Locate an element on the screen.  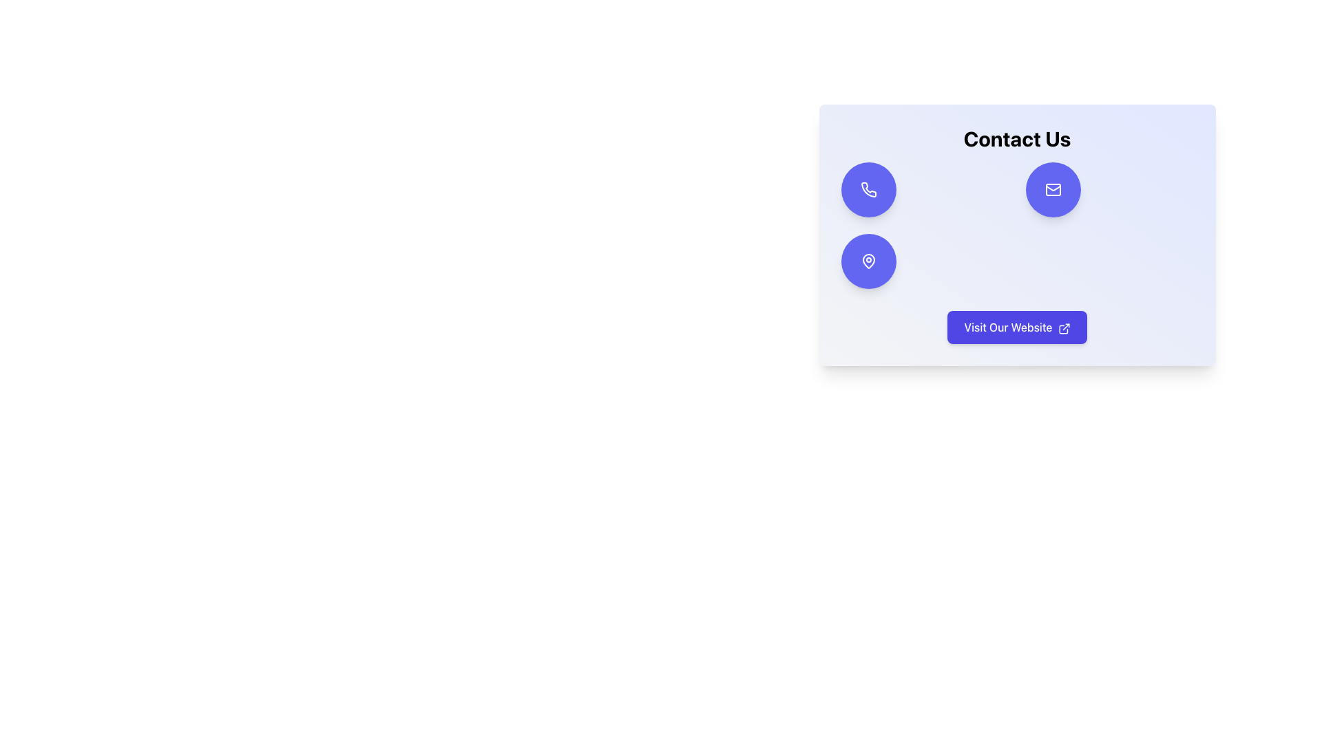
the circular button with an indigo background and a white map pin icon, located in the 'Contact Us' section, to trigger style changes is located at coordinates (868, 261).